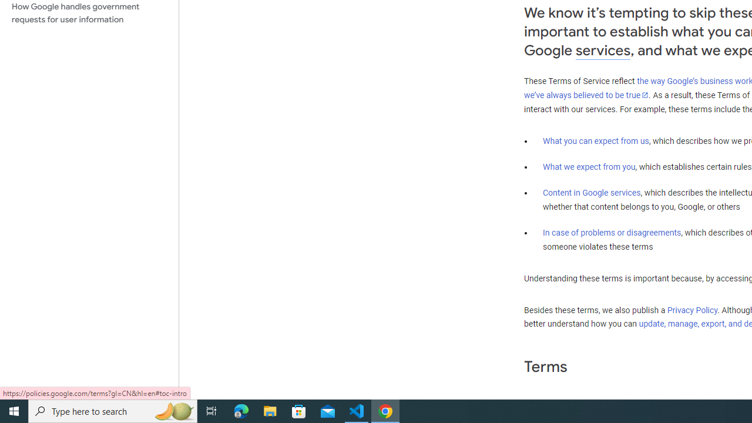  What do you see at coordinates (589, 167) in the screenshot?
I see `'What we expect from you'` at bounding box center [589, 167].